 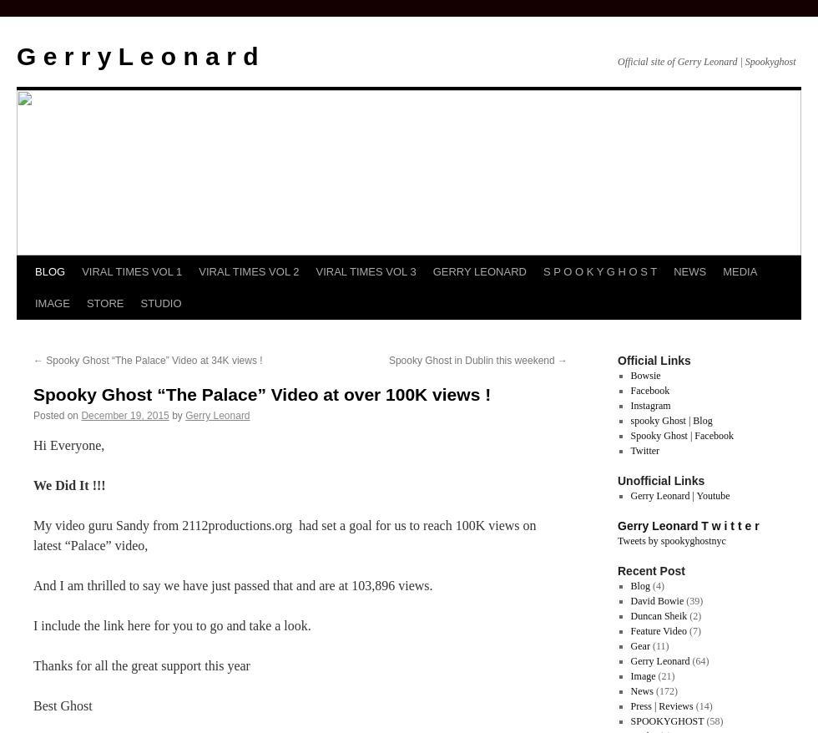 I want to click on '(21)', so click(x=664, y=675).